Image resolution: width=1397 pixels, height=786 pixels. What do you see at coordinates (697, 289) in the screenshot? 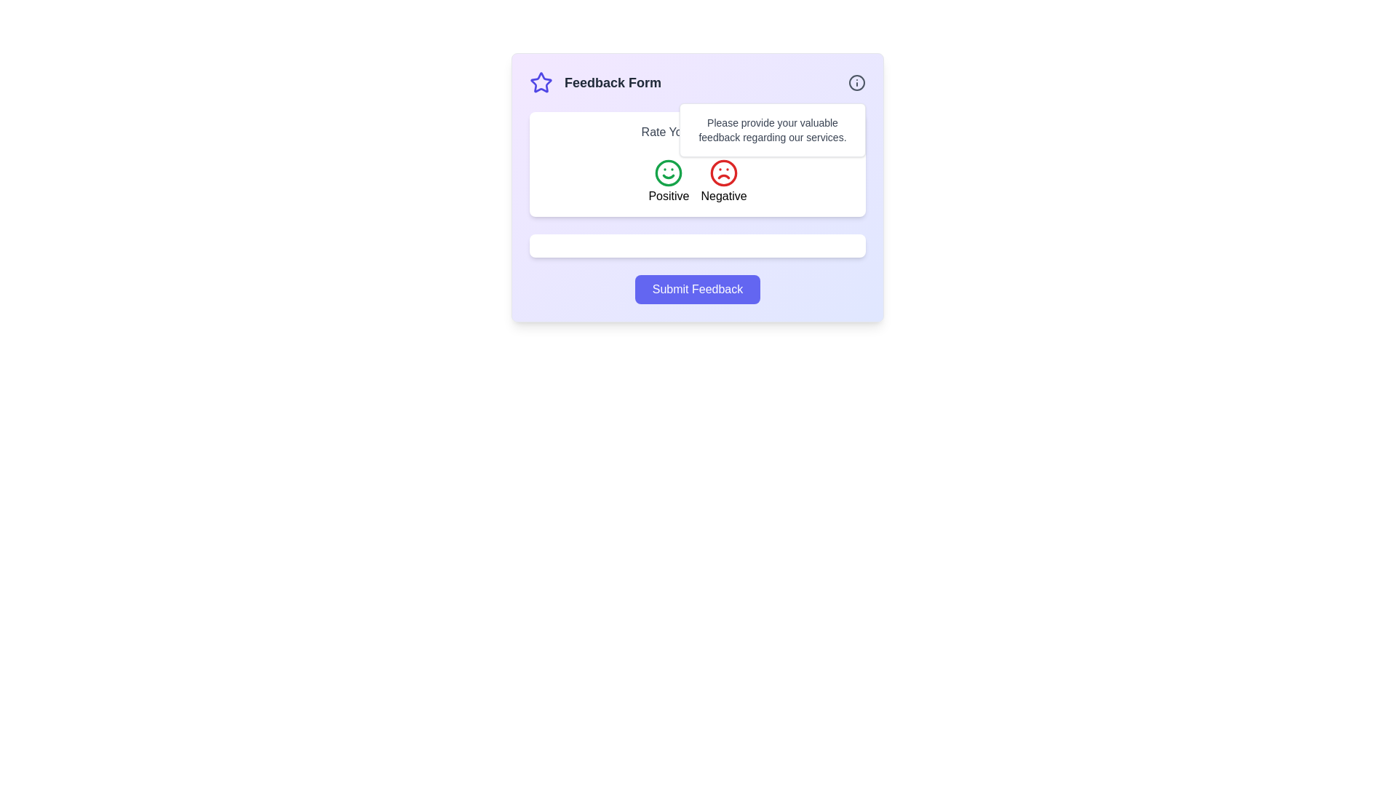
I see `the submit button located at the bottom of the feedback form` at bounding box center [697, 289].